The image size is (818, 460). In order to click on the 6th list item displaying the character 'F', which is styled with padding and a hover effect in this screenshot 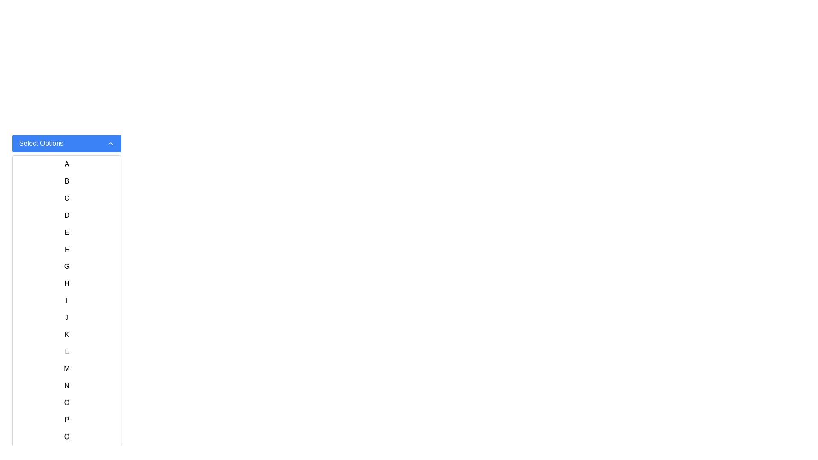, I will do `click(66, 249)`.